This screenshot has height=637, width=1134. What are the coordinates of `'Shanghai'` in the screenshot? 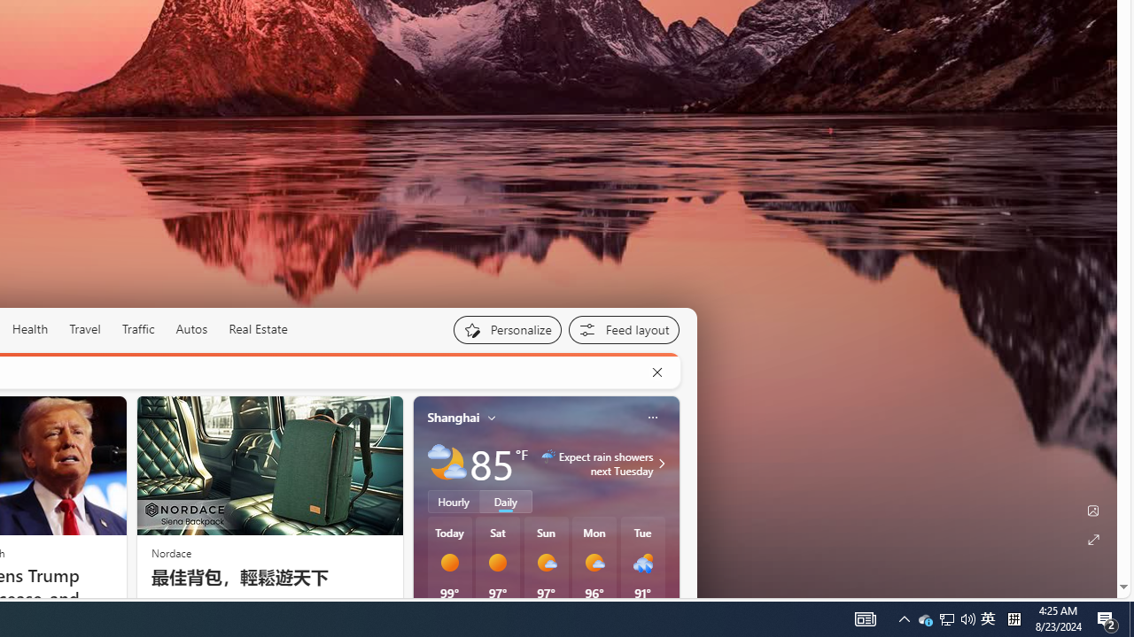 It's located at (454, 417).